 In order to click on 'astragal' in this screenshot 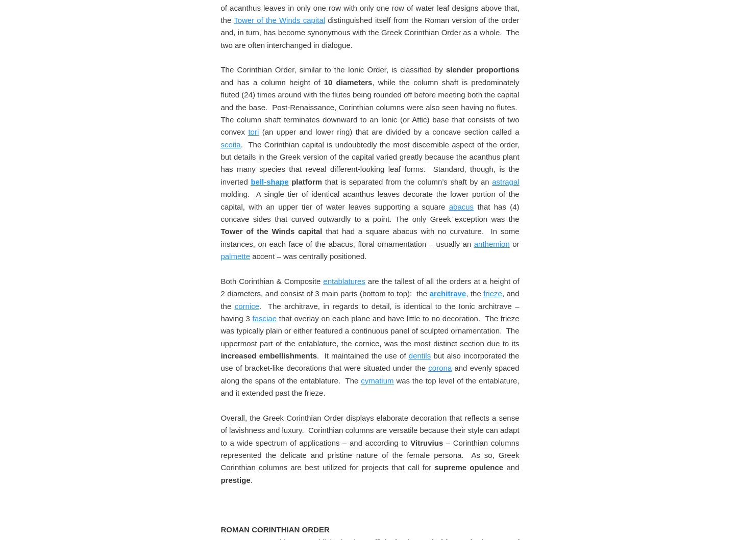, I will do `click(505, 498)`.